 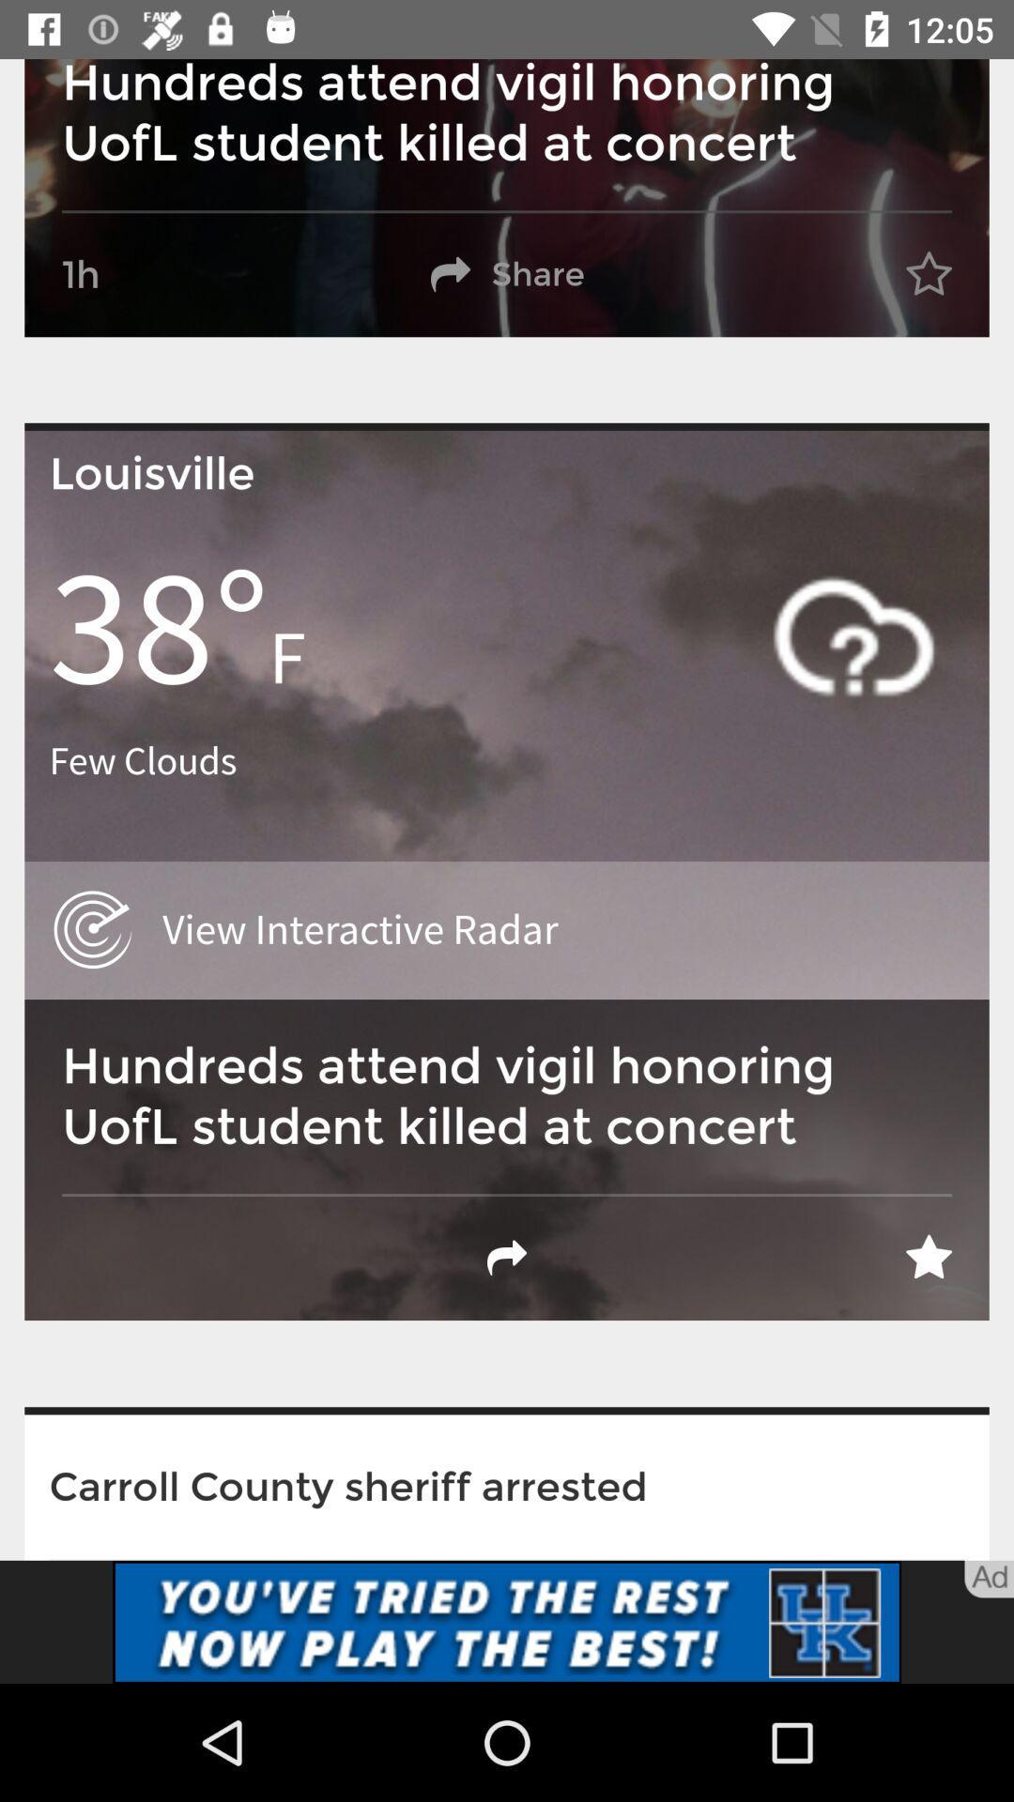 What do you see at coordinates (507, 1621) in the screenshot?
I see `the add page` at bounding box center [507, 1621].